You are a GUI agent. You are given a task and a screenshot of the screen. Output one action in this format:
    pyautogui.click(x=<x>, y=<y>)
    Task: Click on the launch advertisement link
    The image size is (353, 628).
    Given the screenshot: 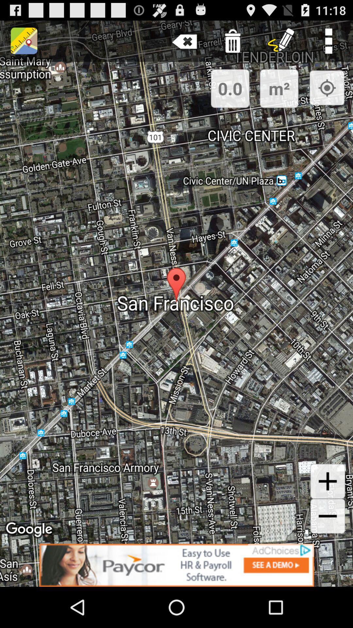 What is the action you would take?
    pyautogui.click(x=176, y=565)
    